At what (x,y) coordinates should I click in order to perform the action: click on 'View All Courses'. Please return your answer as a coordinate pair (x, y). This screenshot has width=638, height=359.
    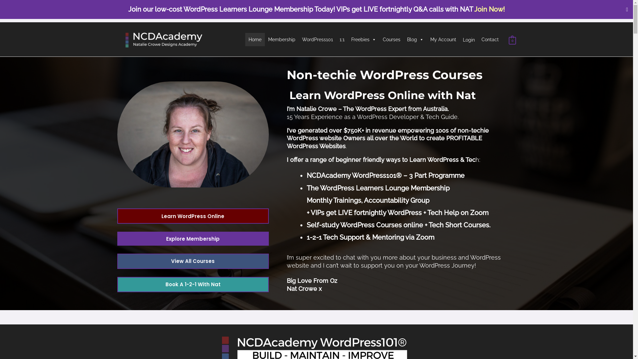
    Looking at the image, I should click on (192, 261).